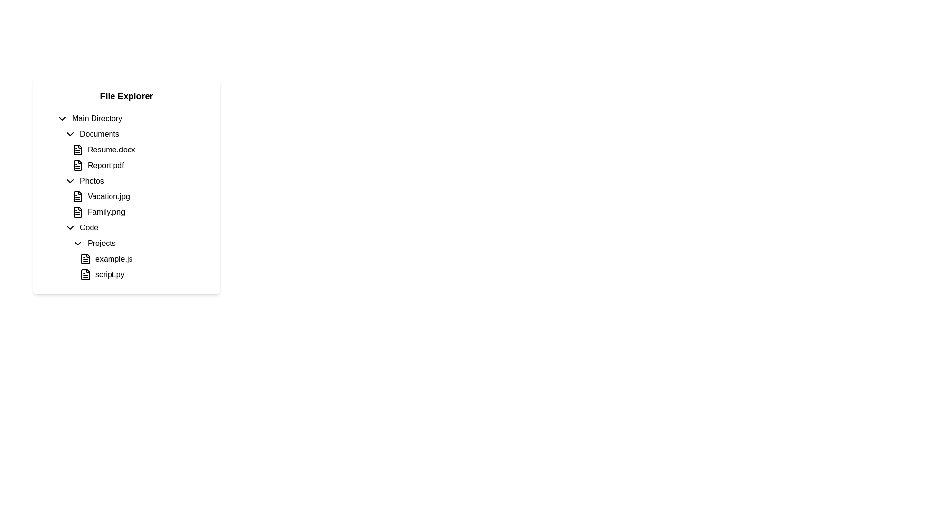  Describe the element at coordinates (110, 274) in the screenshot. I see `the text label representing the file named 'script.py' in the file explorer interface` at that location.